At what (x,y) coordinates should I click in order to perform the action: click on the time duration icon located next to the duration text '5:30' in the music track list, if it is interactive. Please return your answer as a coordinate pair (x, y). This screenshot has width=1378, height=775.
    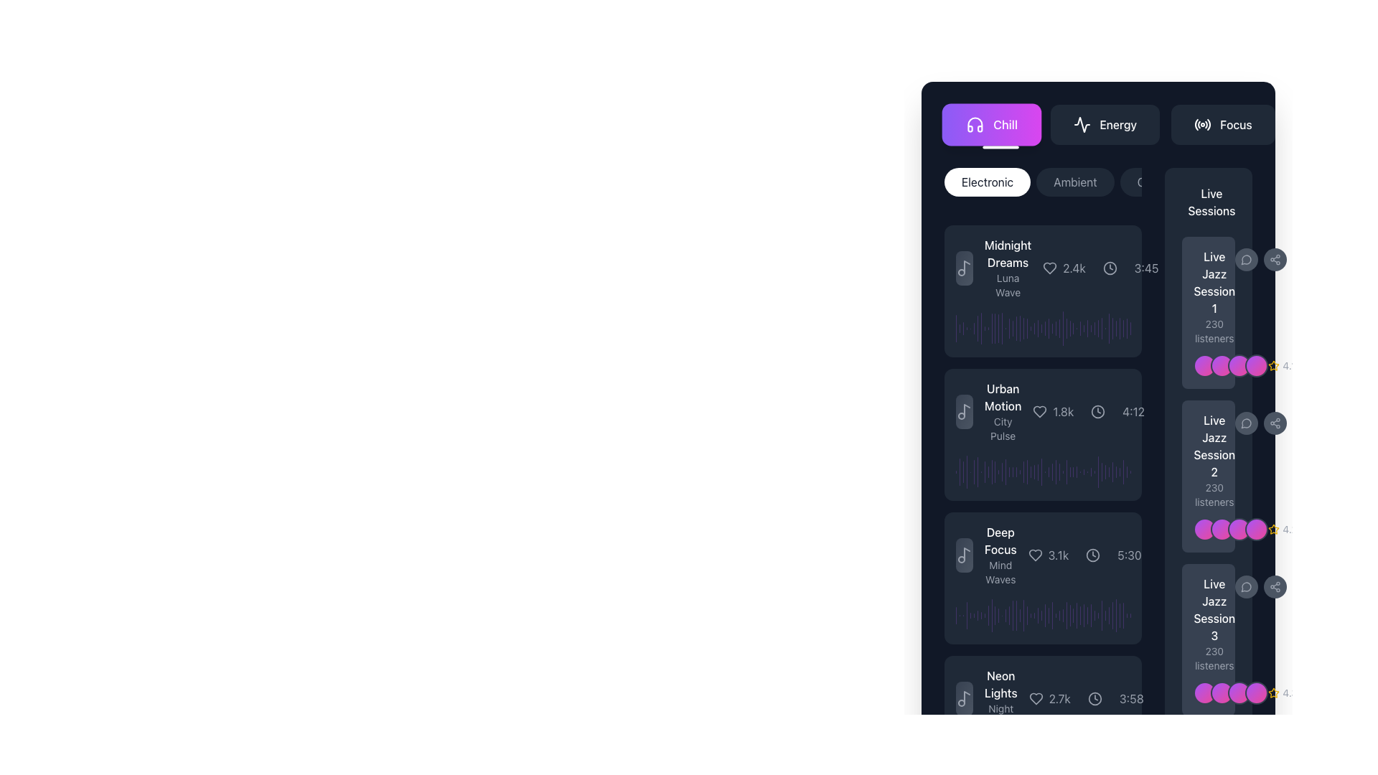
    Looking at the image, I should click on (1092, 555).